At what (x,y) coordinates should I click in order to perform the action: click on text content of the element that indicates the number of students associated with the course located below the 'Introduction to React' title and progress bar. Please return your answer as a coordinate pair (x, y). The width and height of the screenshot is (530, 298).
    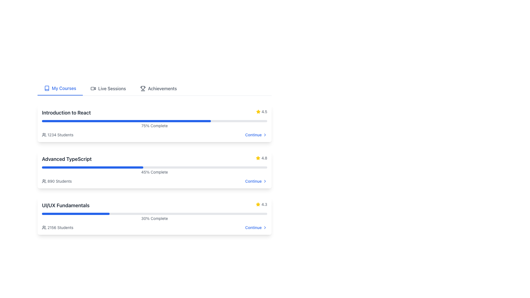
    Looking at the image, I should click on (57, 135).